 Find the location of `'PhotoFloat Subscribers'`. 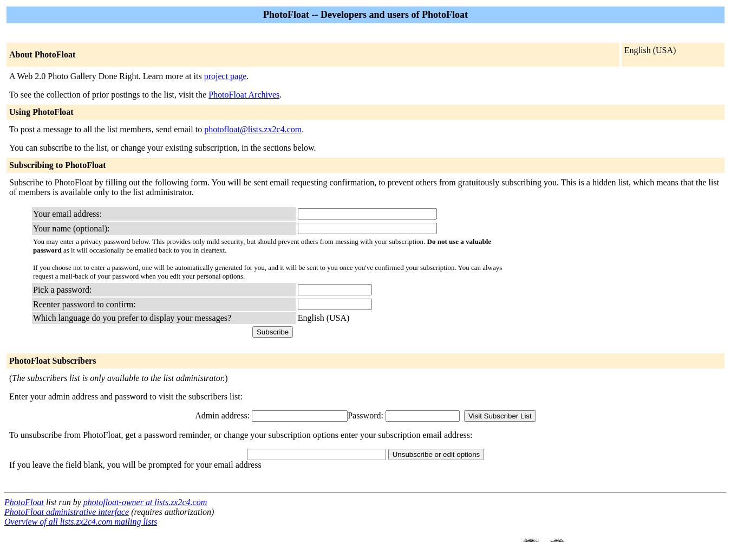

'PhotoFloat Subscribers' is located at coordinates (52, 360).